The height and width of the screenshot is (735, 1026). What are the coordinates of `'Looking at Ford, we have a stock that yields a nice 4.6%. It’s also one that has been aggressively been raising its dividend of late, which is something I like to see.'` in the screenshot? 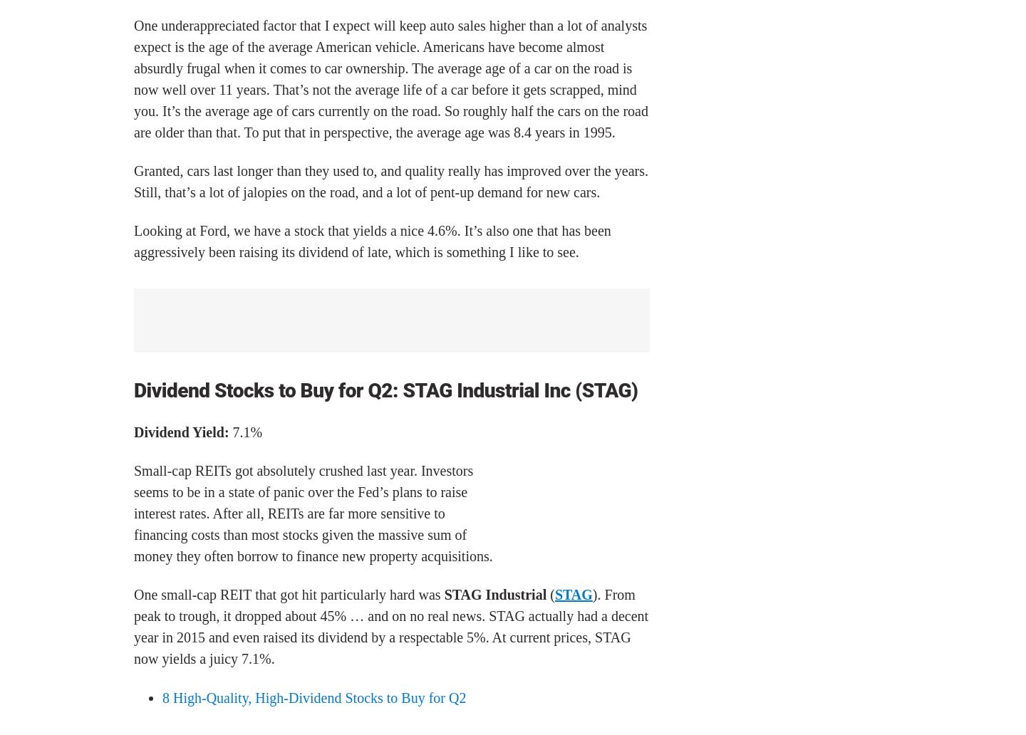 It's located at (134, 241).